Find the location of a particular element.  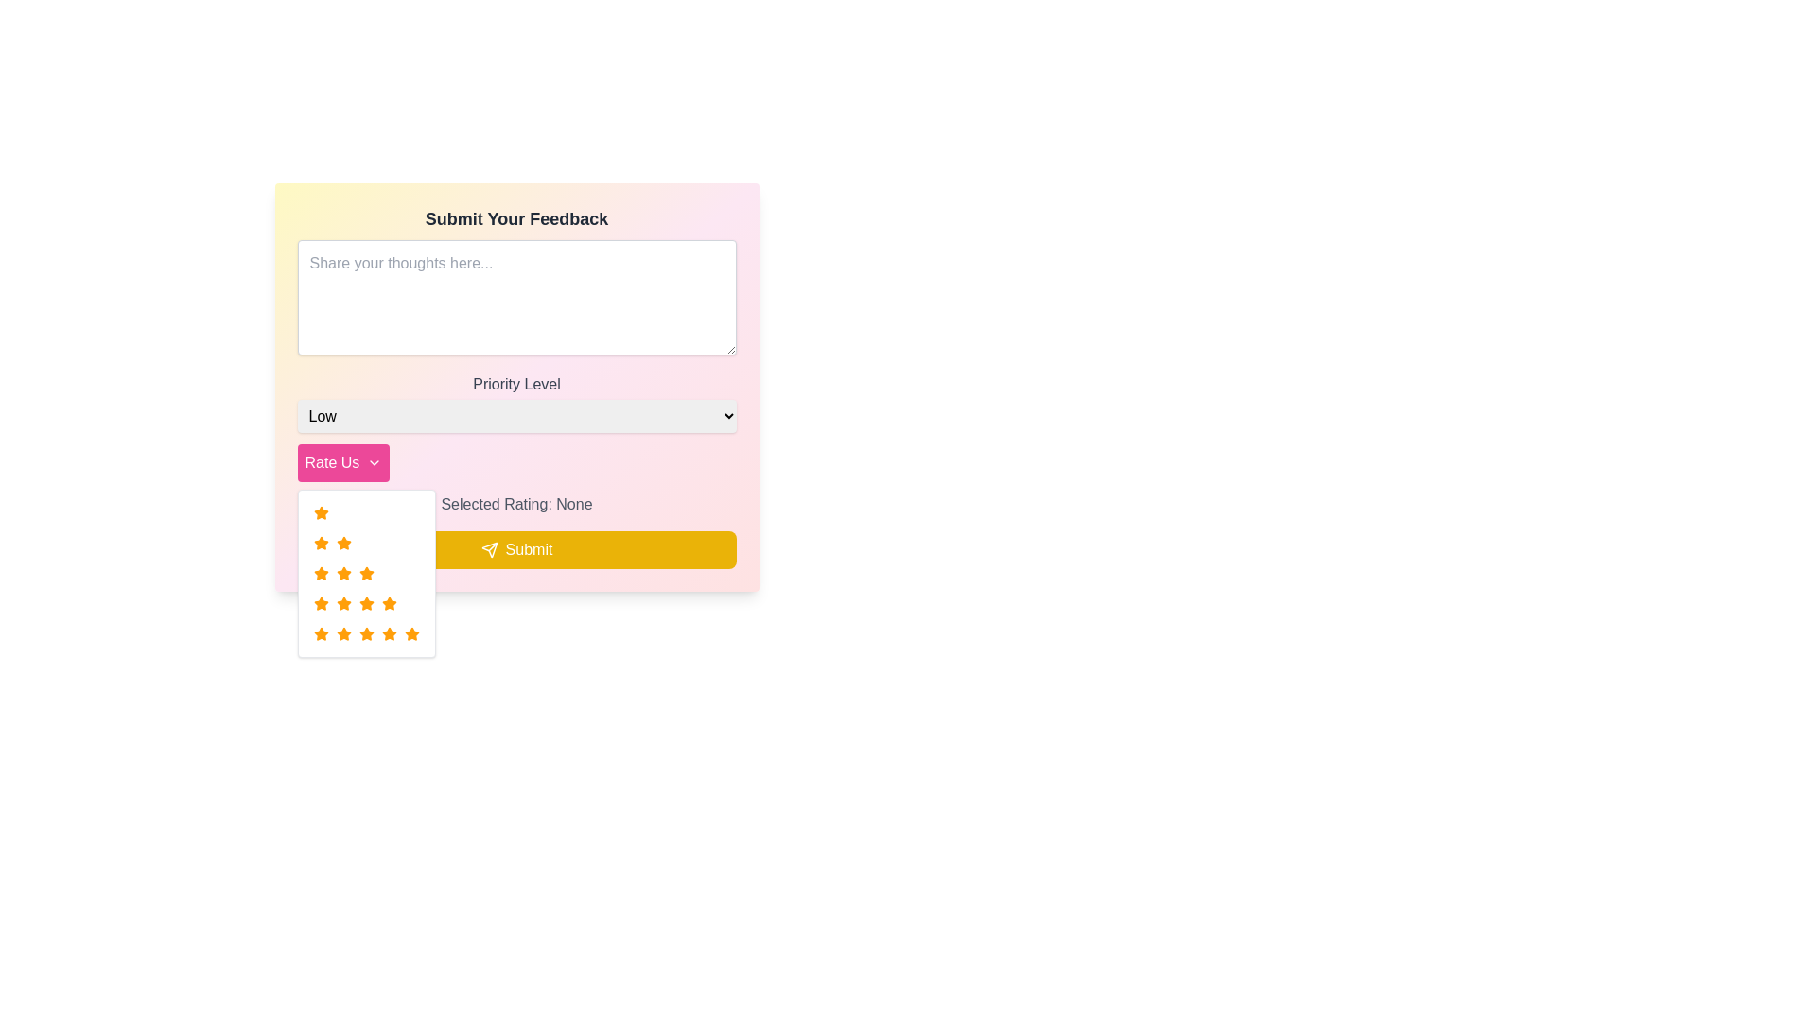

the third star icon in the second row of the rating system is located at coordinates (343, 572).